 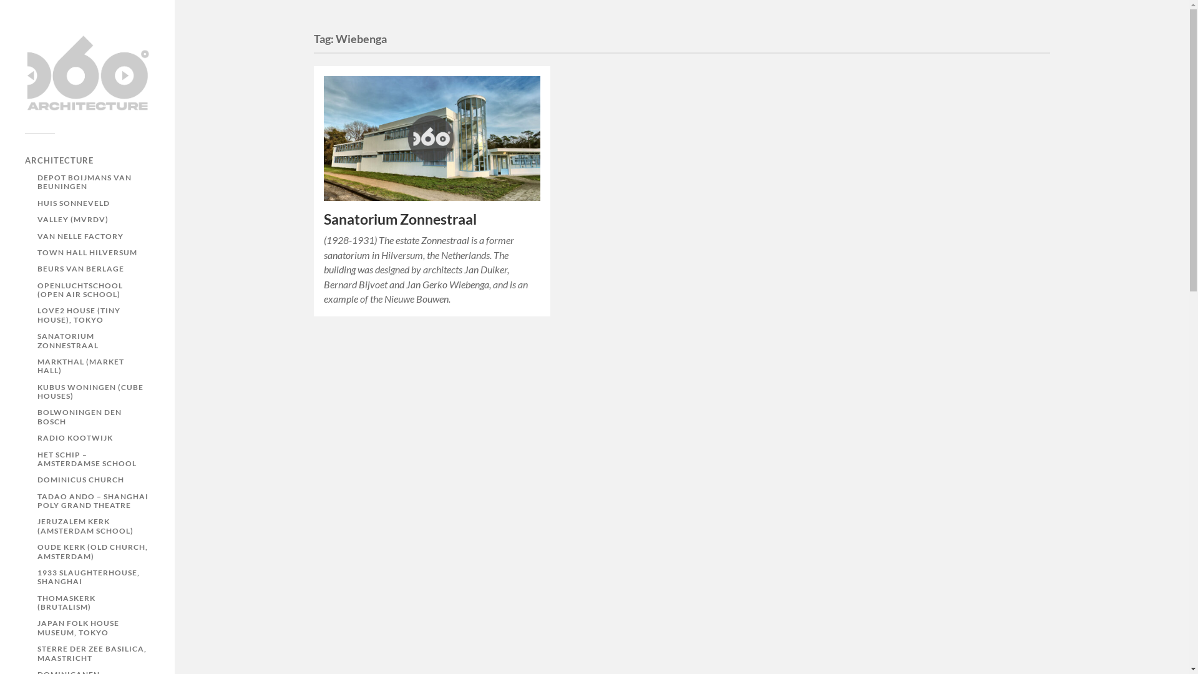 I want to click on 'SANATORIUM ZONNESTRAAL', so click(x=67, y=340).